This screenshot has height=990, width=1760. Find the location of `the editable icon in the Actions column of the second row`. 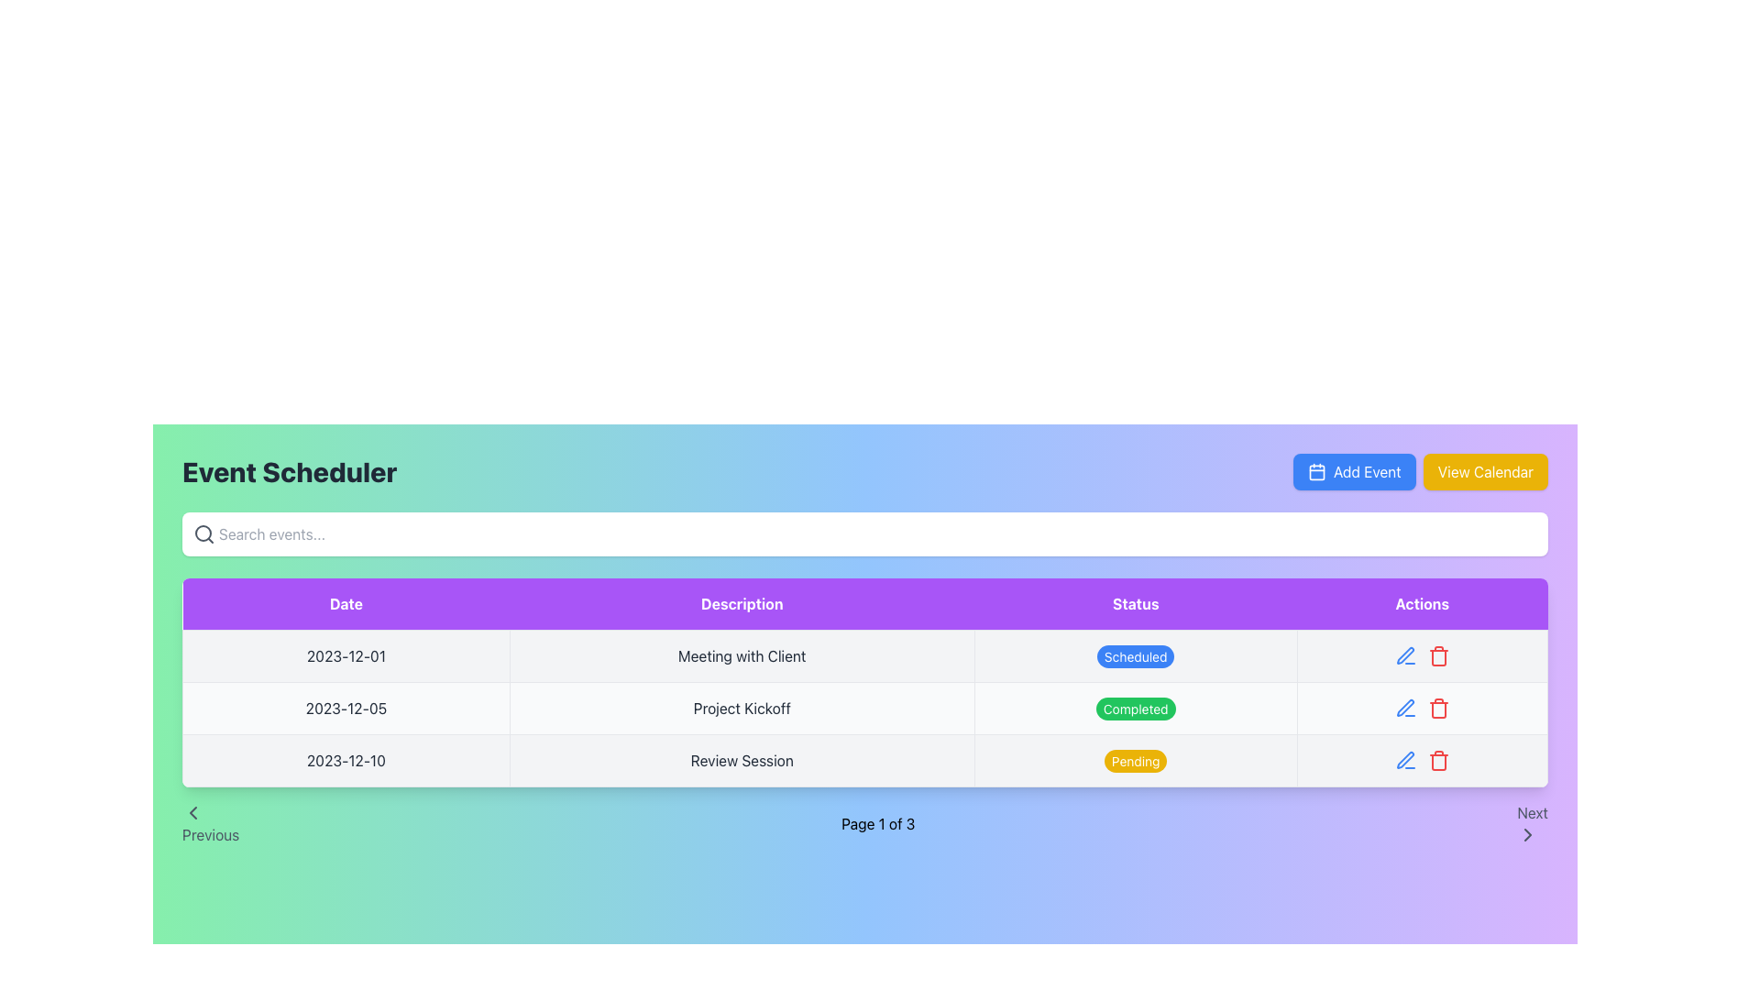

the editable icon in the Actions column of the second row is located at coordinates (1403, 706).